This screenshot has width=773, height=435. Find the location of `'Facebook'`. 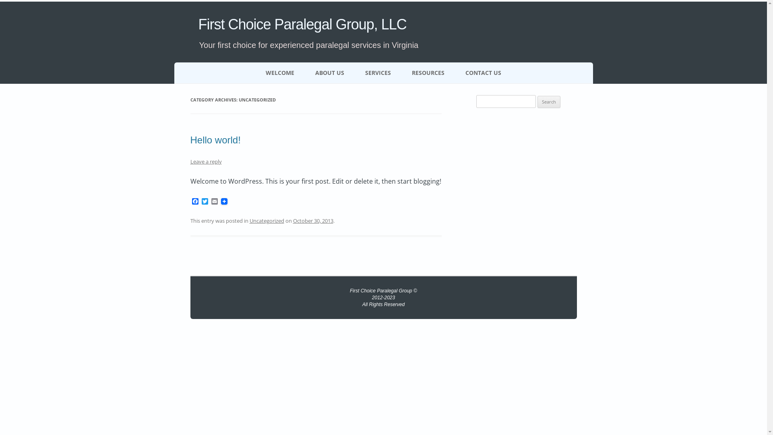

'Facebook' is located at coordinates (195, 201).